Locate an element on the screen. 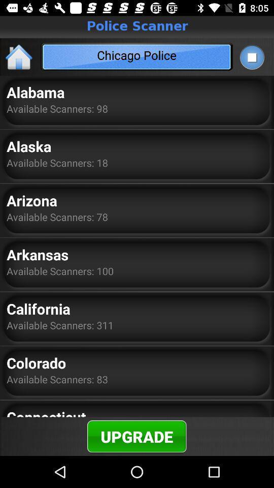 The image size is (274, 488). the app below available scanners: 18 item is located at coordinates (32, 200).